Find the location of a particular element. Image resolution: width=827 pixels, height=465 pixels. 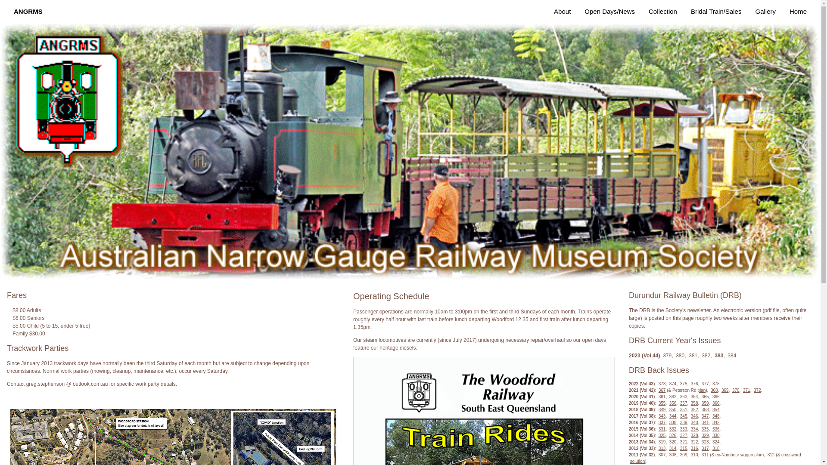

'366' is located at coordinates (716, 397).